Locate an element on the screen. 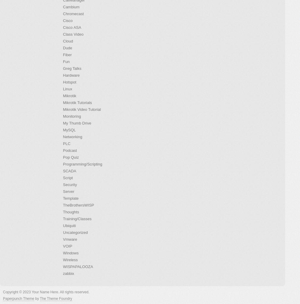 The width and height of the screenshot is (300, 304). 'Dude' is located at coordinates (67, 48).